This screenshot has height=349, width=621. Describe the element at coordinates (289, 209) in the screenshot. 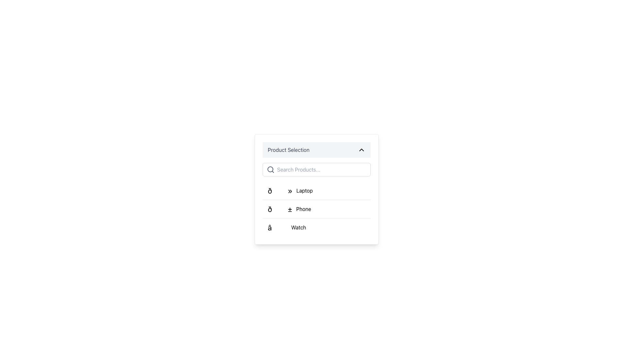

I see `the second item in the product selection list, which represents the 'Phone' option` at that location.